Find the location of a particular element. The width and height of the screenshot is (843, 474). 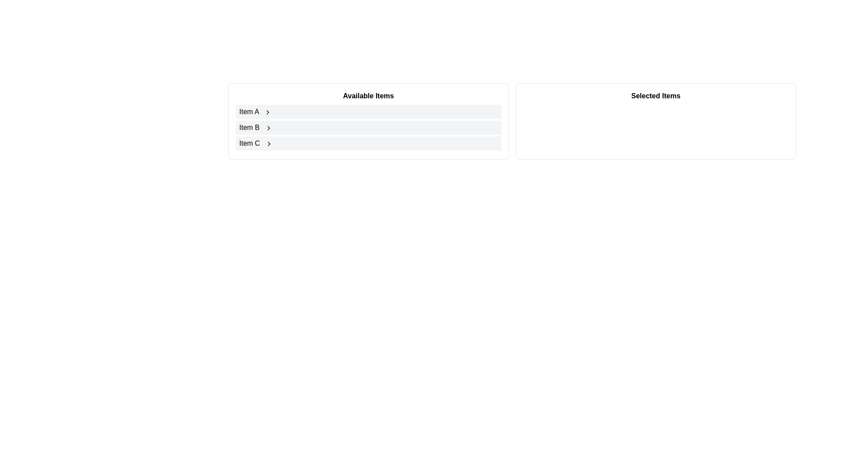

the chevron icon located to the immediate right of 'Item C' in the last row of the 'Available Items' list is located at coordinates (268, 143).